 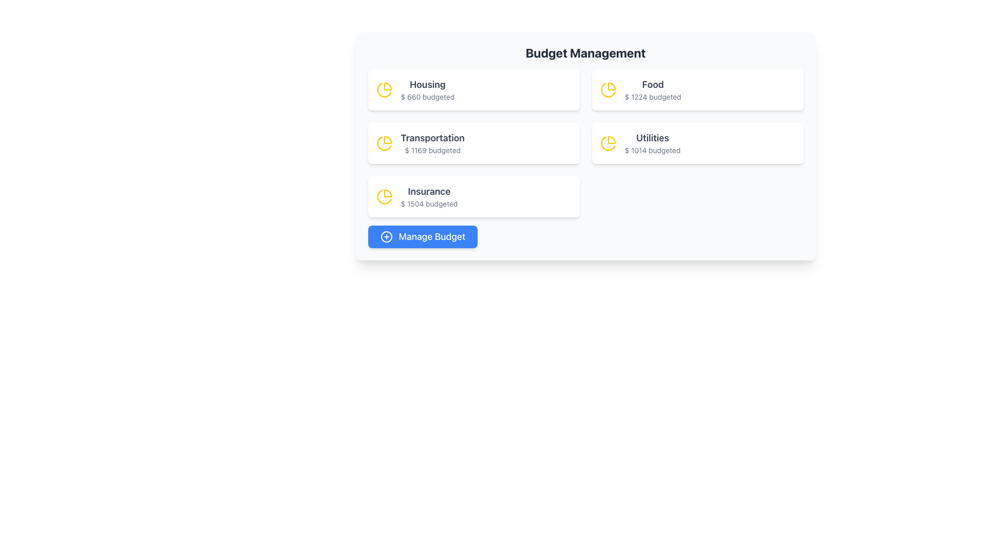 I want to click on the circular outline of the icon within the 'Manage Budget' button located at the bottom-left corner of the white section of the interface, so click(x=386, y=237).